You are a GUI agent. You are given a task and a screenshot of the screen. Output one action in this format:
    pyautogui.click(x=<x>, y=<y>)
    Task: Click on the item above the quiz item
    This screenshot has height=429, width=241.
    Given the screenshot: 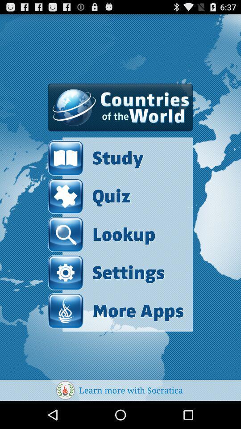 What is the action you would take?
    pyautogui.click(x=116, y=158)
    